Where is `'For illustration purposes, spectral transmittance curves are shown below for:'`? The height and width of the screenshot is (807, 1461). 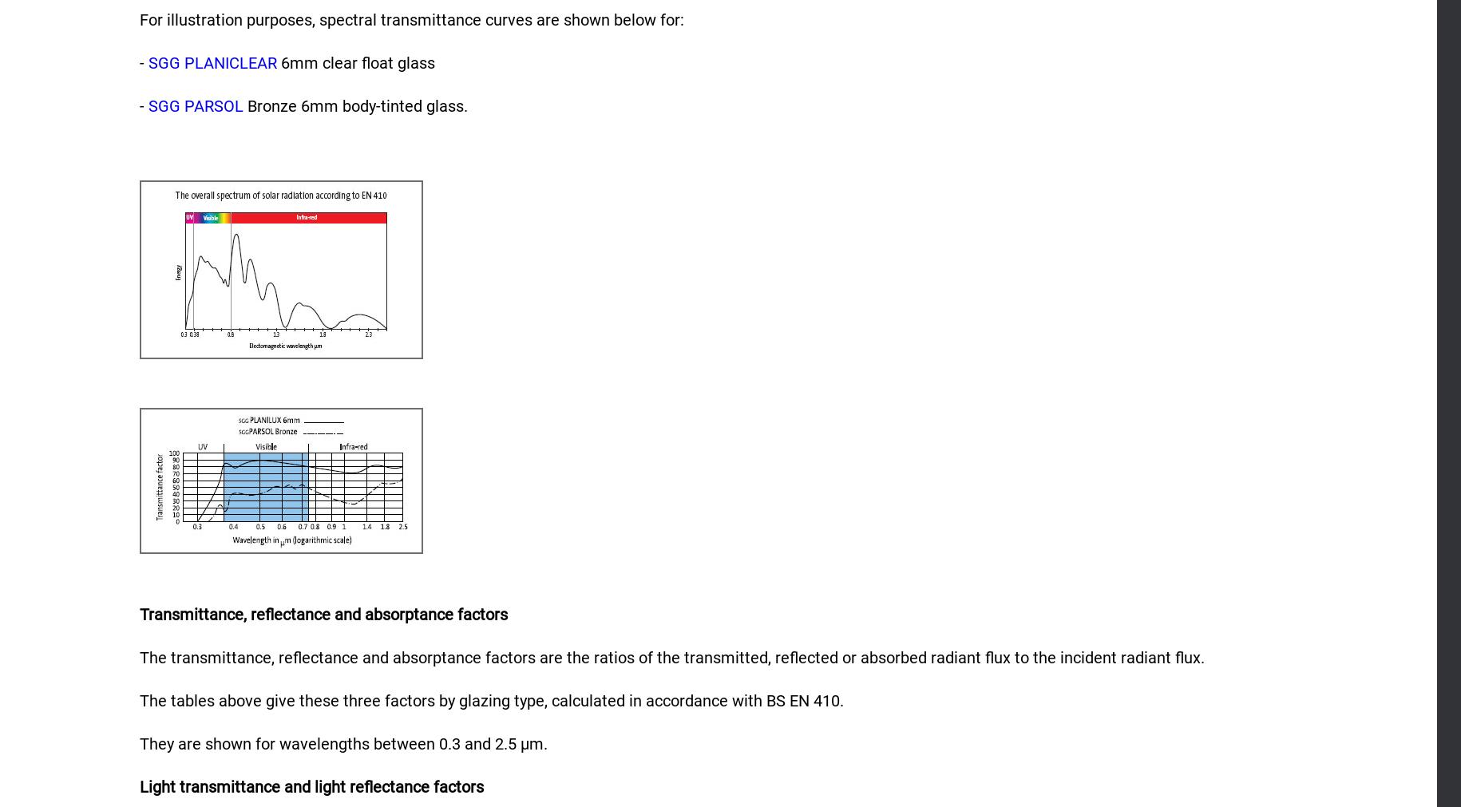
'For illustration purposes, spectral transmittance curves are shown below for:' is located at coordinates (412, 18).